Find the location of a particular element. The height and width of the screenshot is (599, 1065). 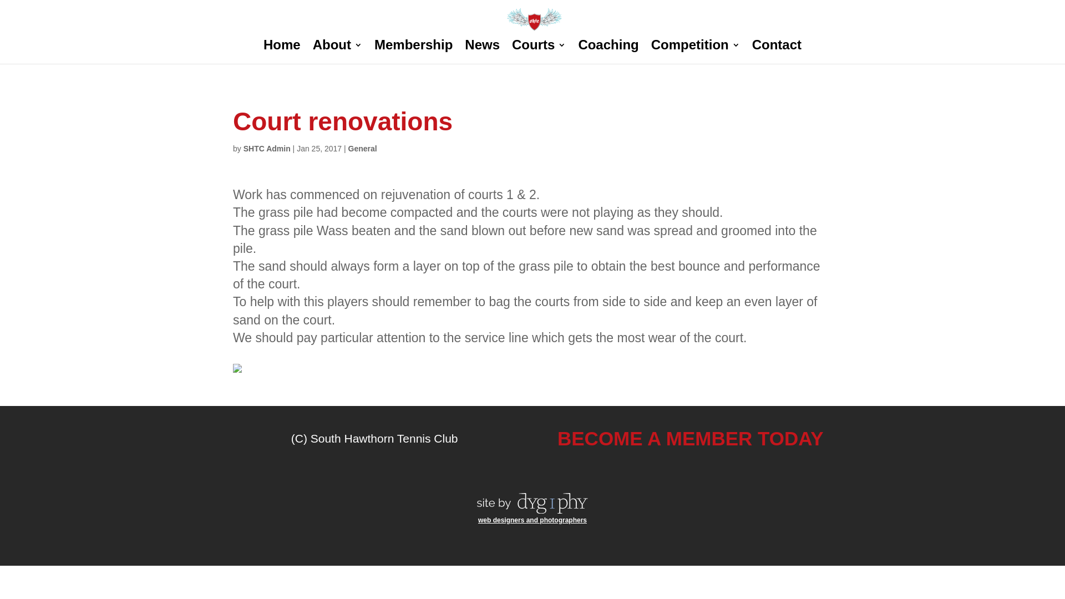

'Contact' is located at coordinates (776, 52).